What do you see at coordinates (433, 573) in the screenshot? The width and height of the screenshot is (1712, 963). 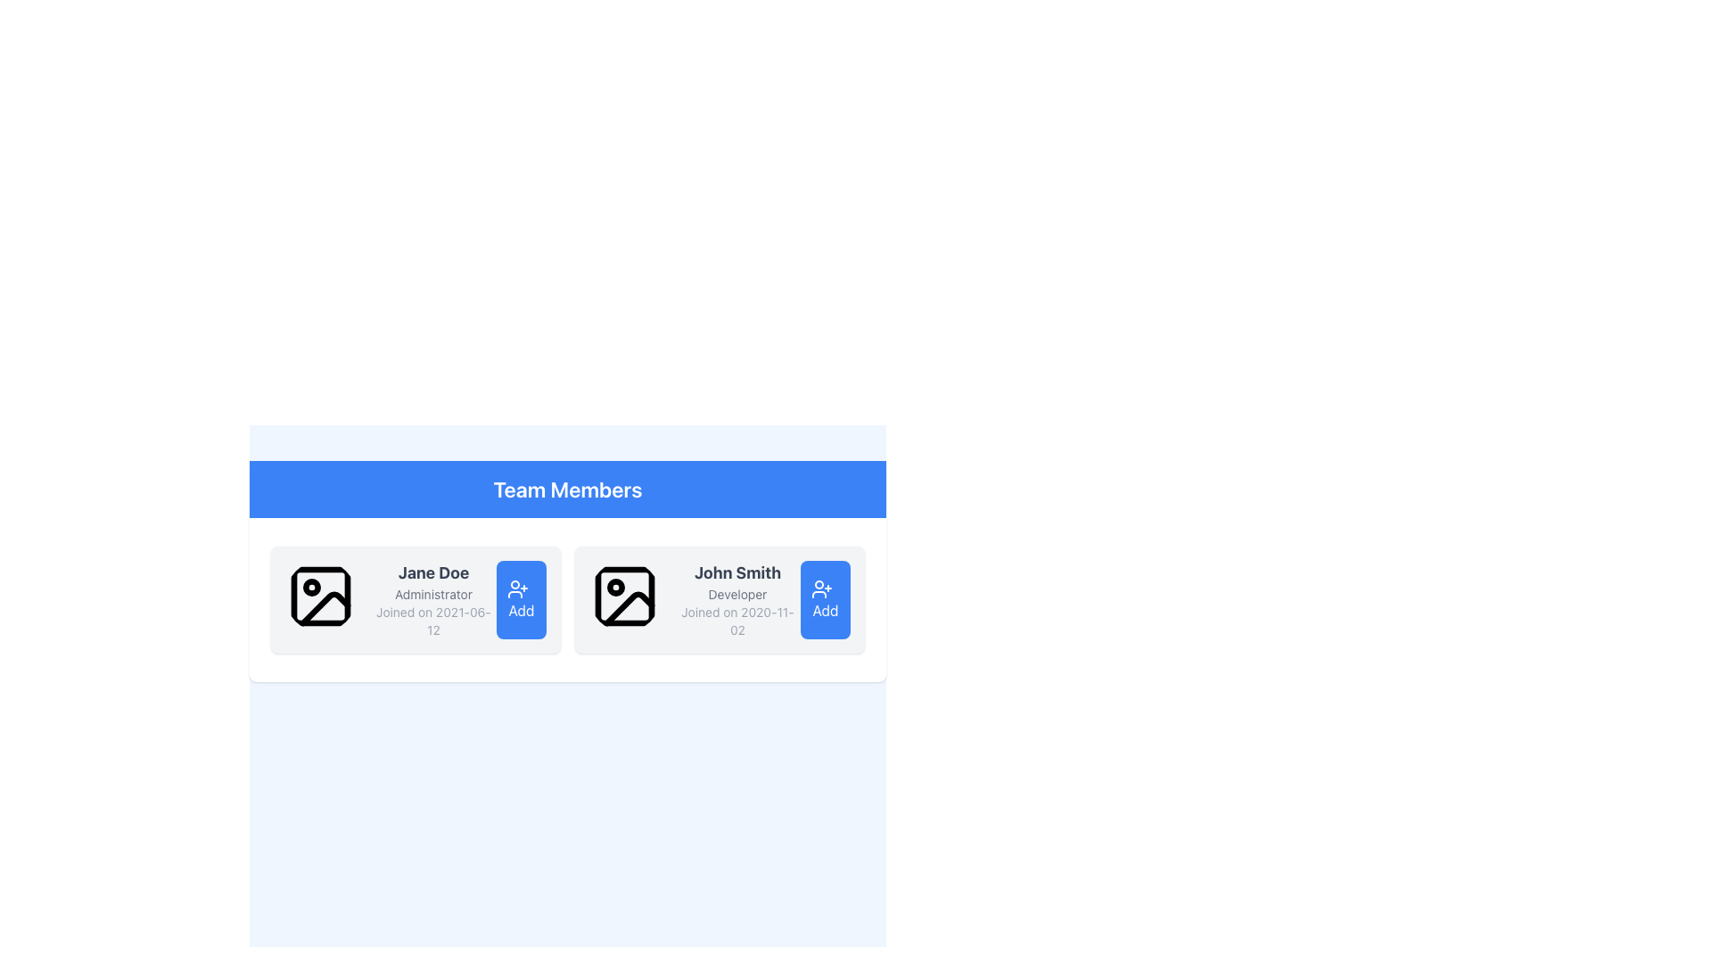 I see `the text 'Jane Doe' for copying from the team member card, which is prominently displayed in a bold and large font at the top-left corner of the card` at bounding box center [433, 573].